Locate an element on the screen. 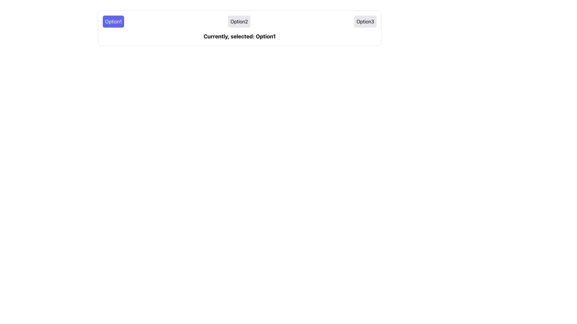  the group of clickable text elements labeled 'Option1', 'Option2', and 'Option3' is located at coordinates (239, 21).